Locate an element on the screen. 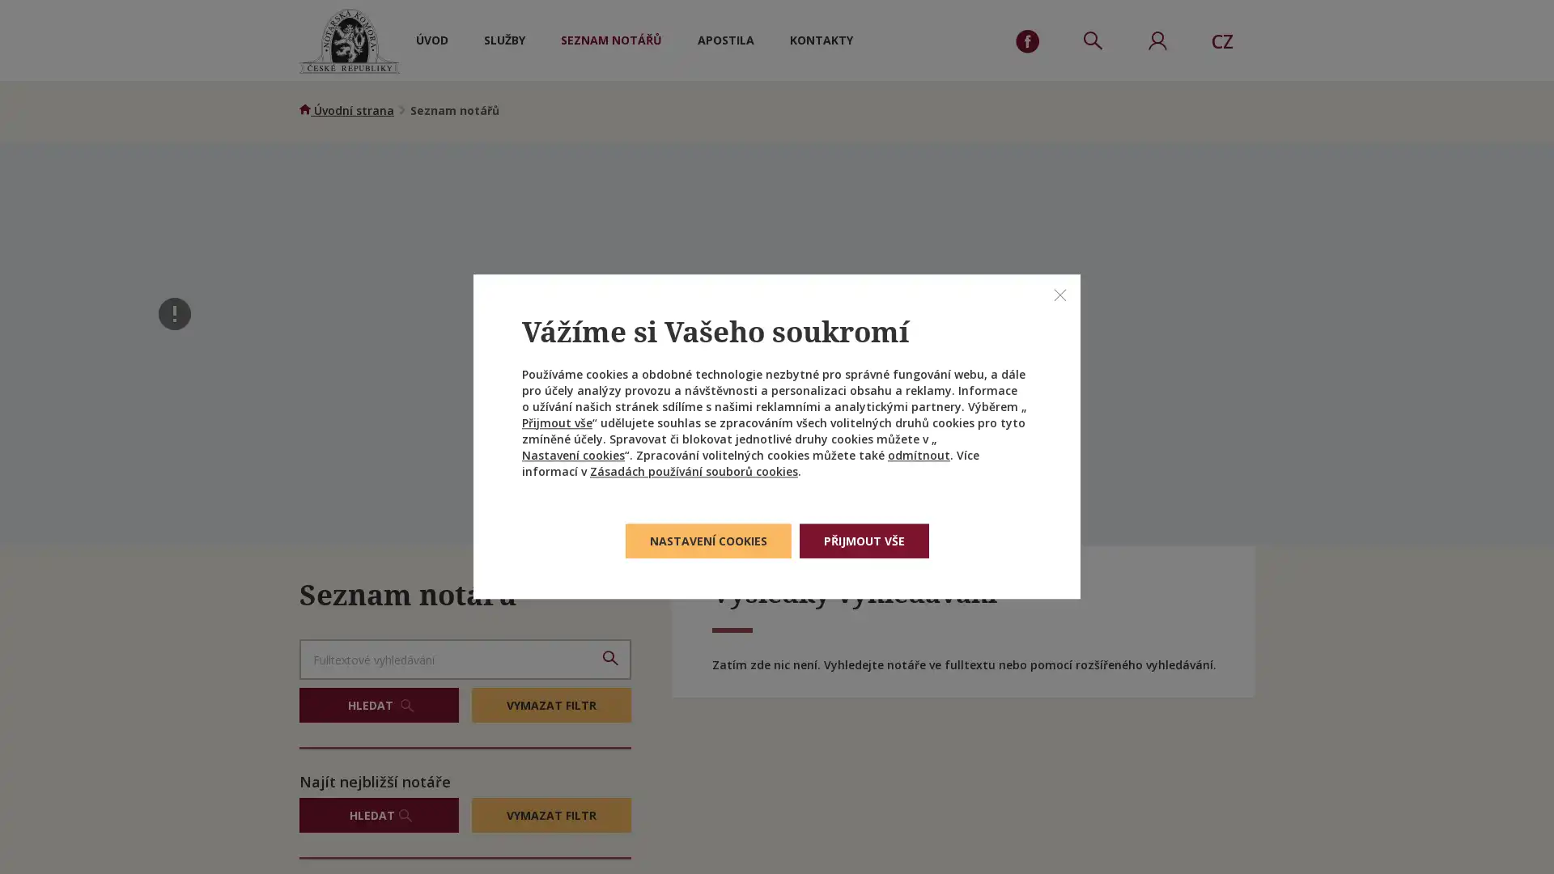 Image resolution: width=1554 pixels, height=874 pixels. HLEDAT is located at coordinates (378, 704).